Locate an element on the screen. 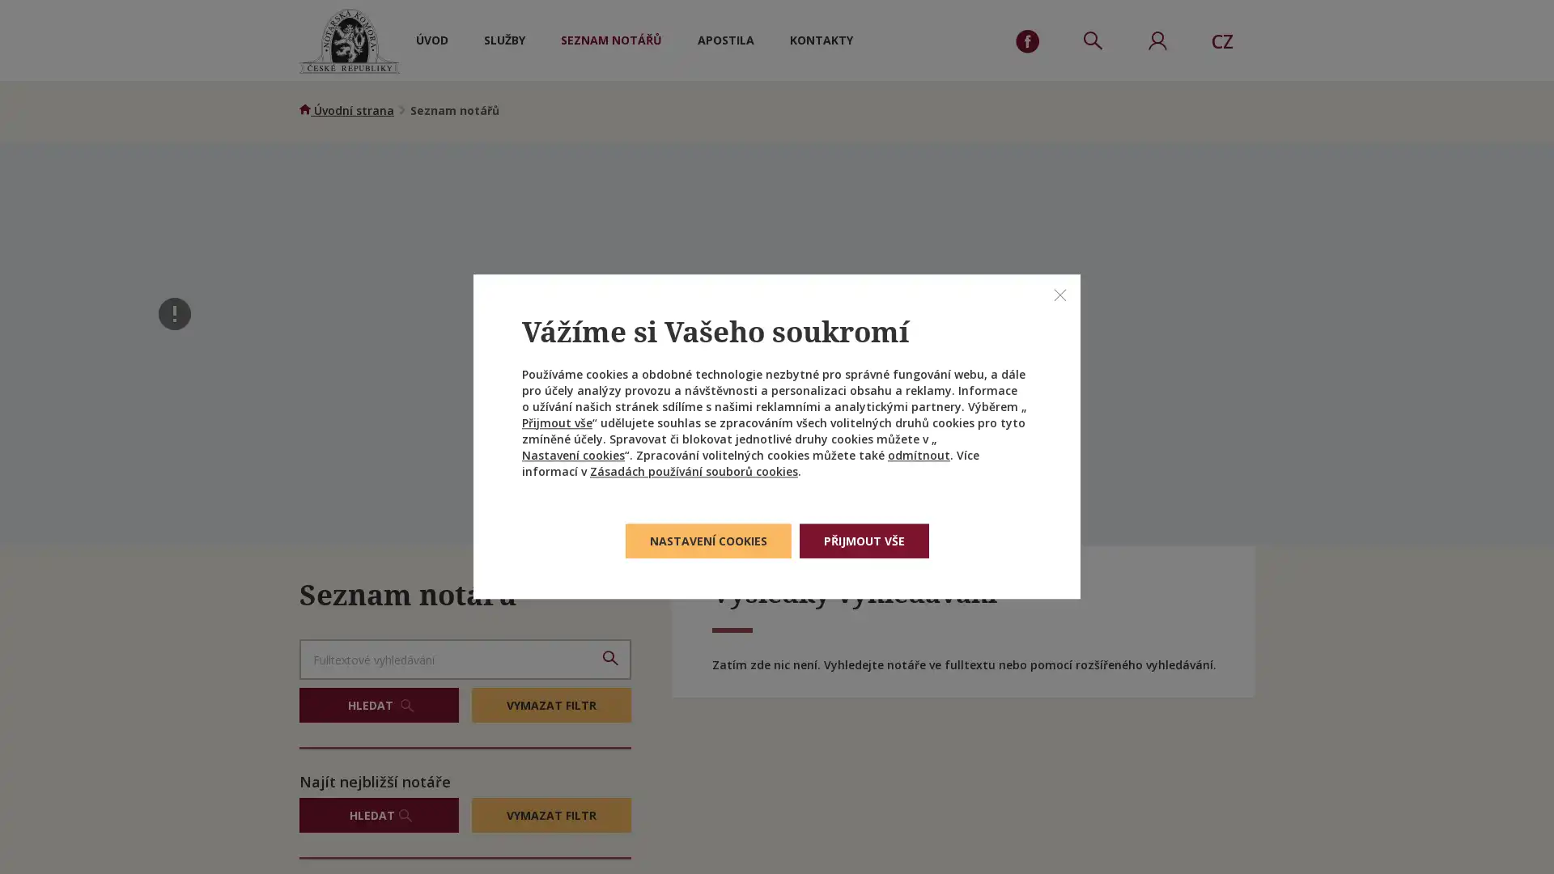 Image resolution: width=1554 pixels, height=874 pixels. HLEDAT is located at coordinates (378, 704).